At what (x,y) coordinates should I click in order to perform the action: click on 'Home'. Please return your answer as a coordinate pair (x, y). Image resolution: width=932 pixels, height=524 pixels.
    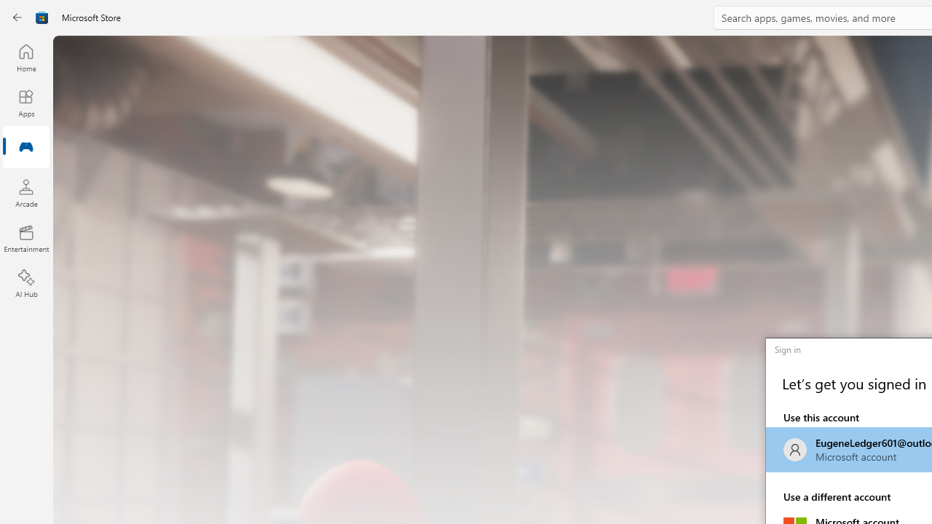
    Looking at the image, I should click on (25, 57).